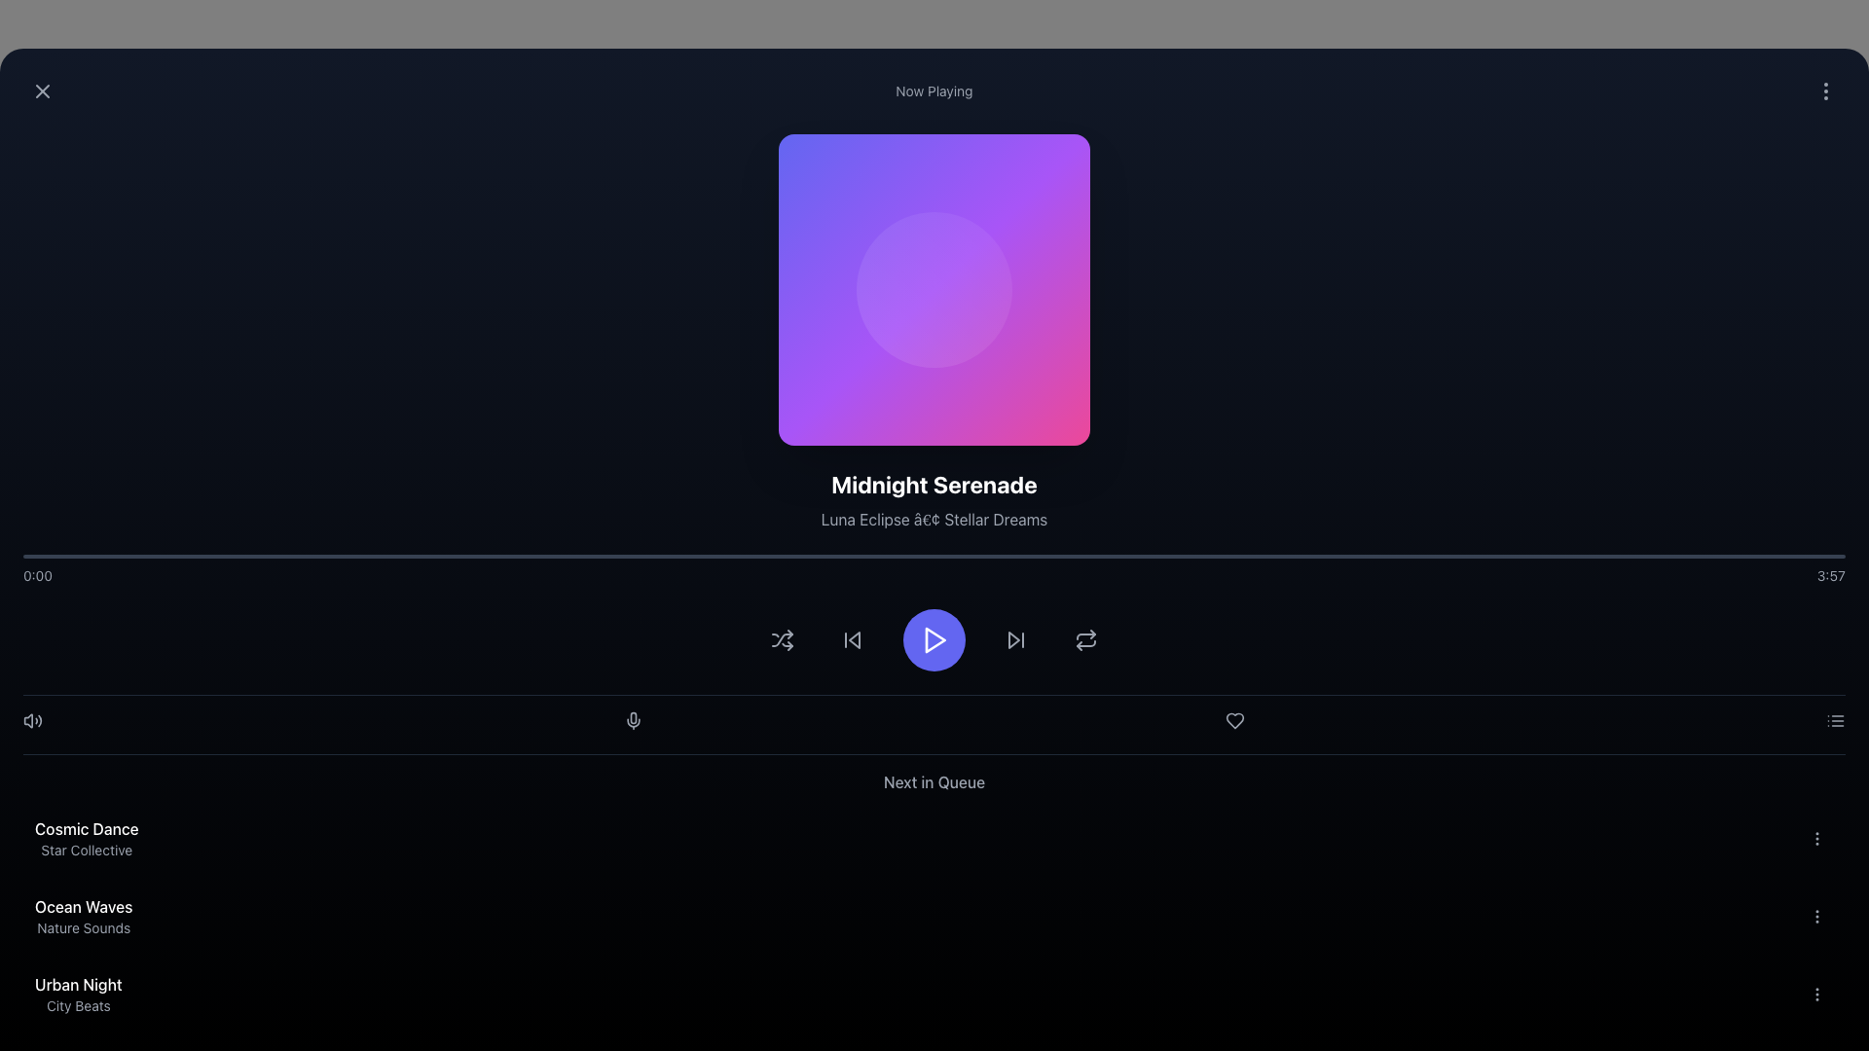 The image size is (1869, 1051). I want to click on the circular repeat icon button, which features two arrows forming a loop and is styled with a gray color scheme, so click(1085, 640).